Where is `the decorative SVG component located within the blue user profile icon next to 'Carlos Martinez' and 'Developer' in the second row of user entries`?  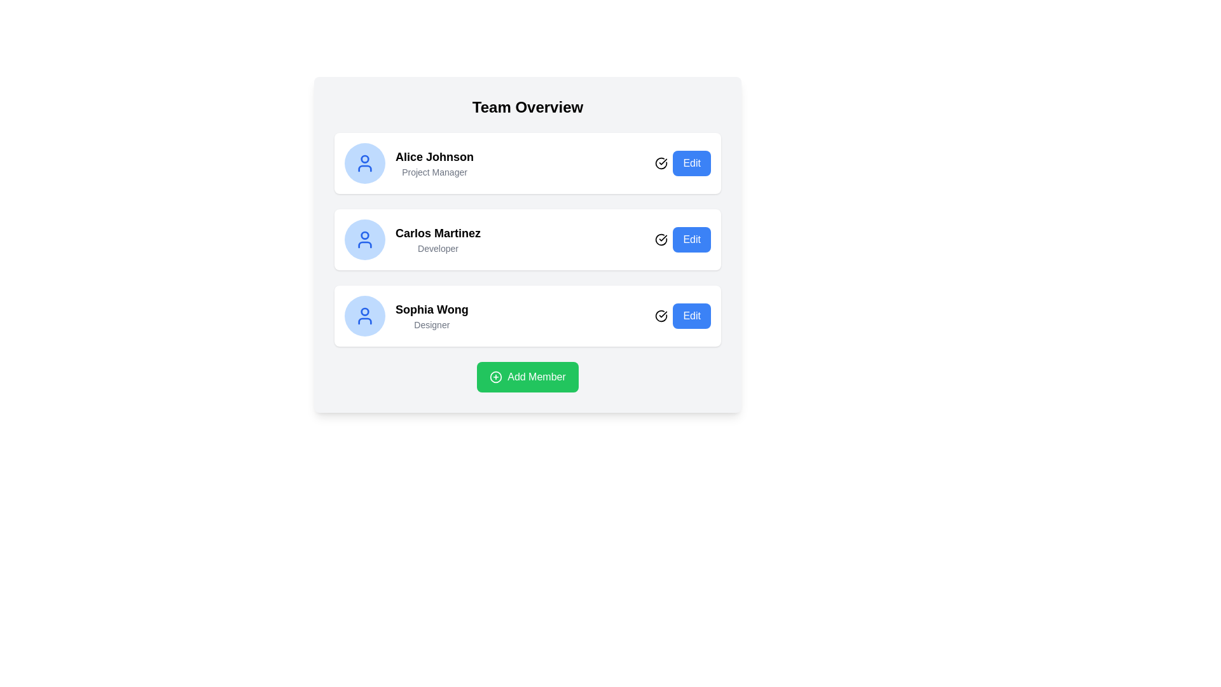
the decorative SVG component located within the blue user profile icon next to 'Carlos Martinez' and 'Developer' in the second row of user entries is located at coordinates (364, 235).